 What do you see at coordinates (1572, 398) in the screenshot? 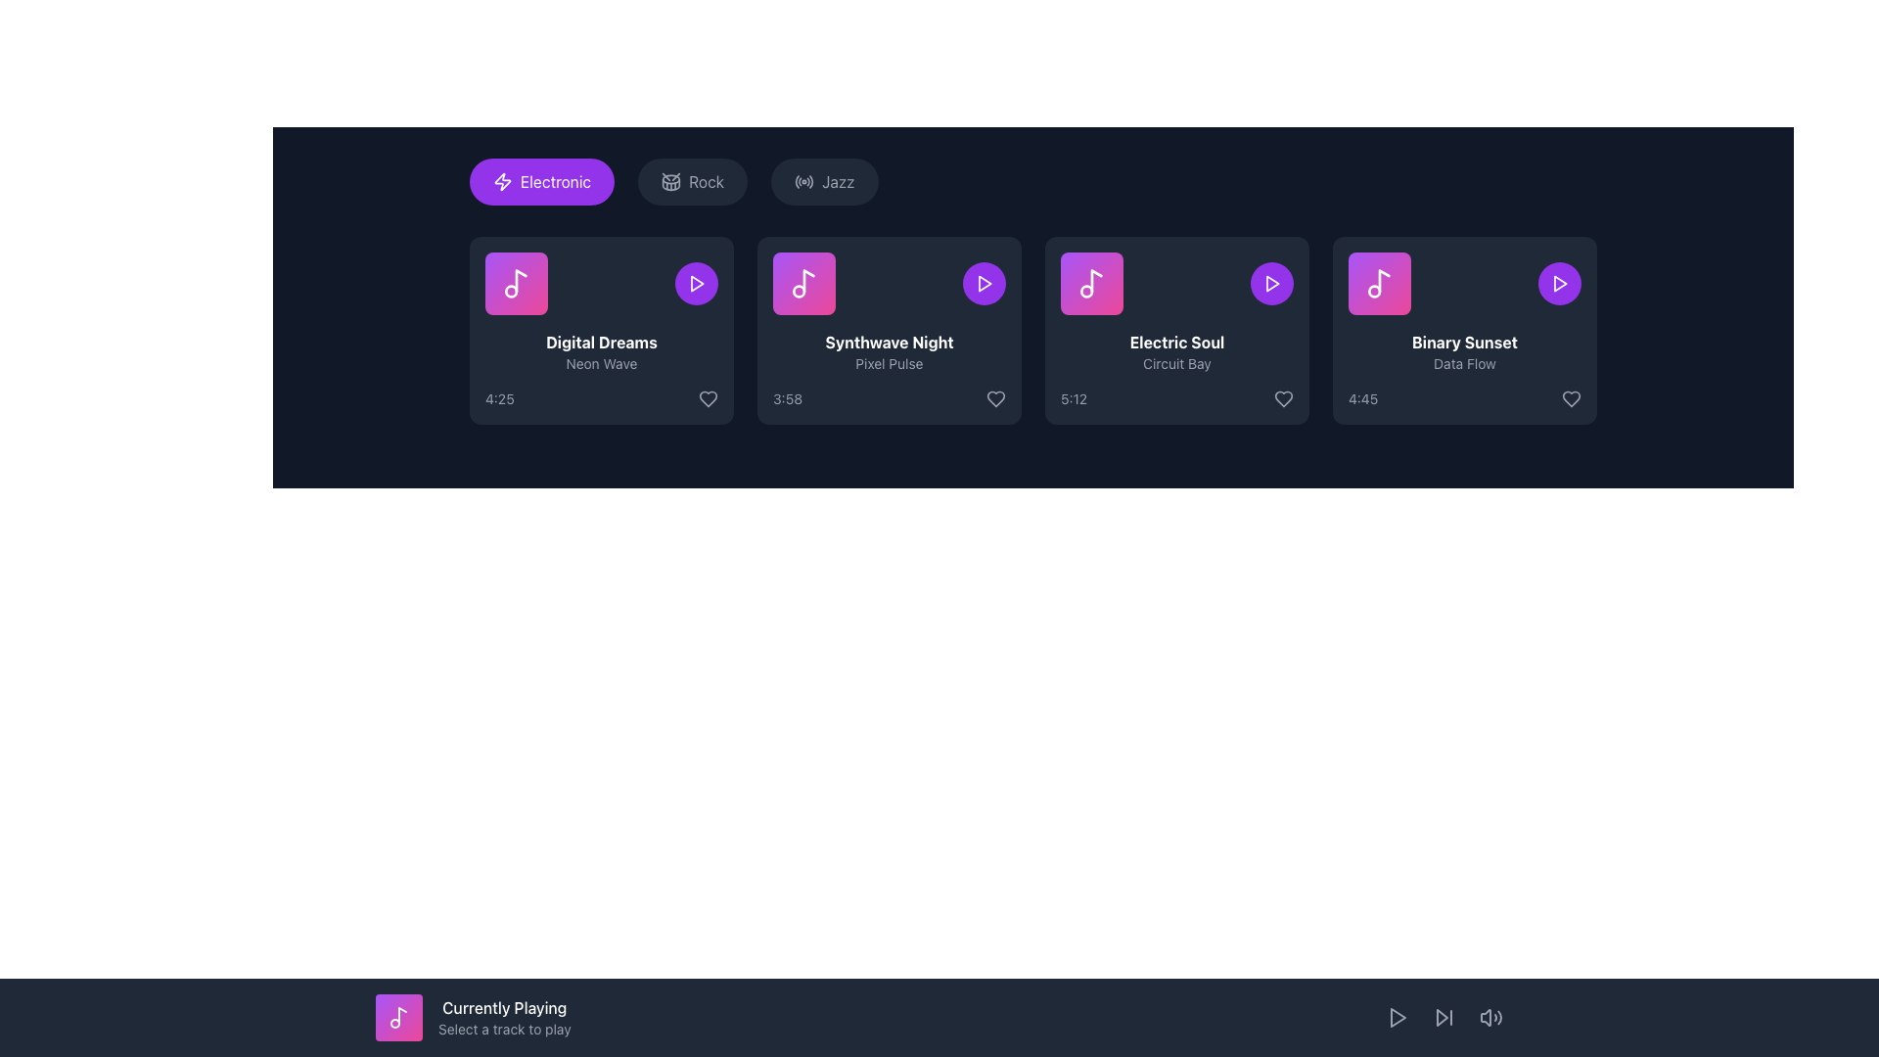
I see `the heart-shaped 'like' icon located at the bottom-right corner of the 'Binary Sunset - Data Flow' card to favorite the item` at bounding box center [1572, 398].